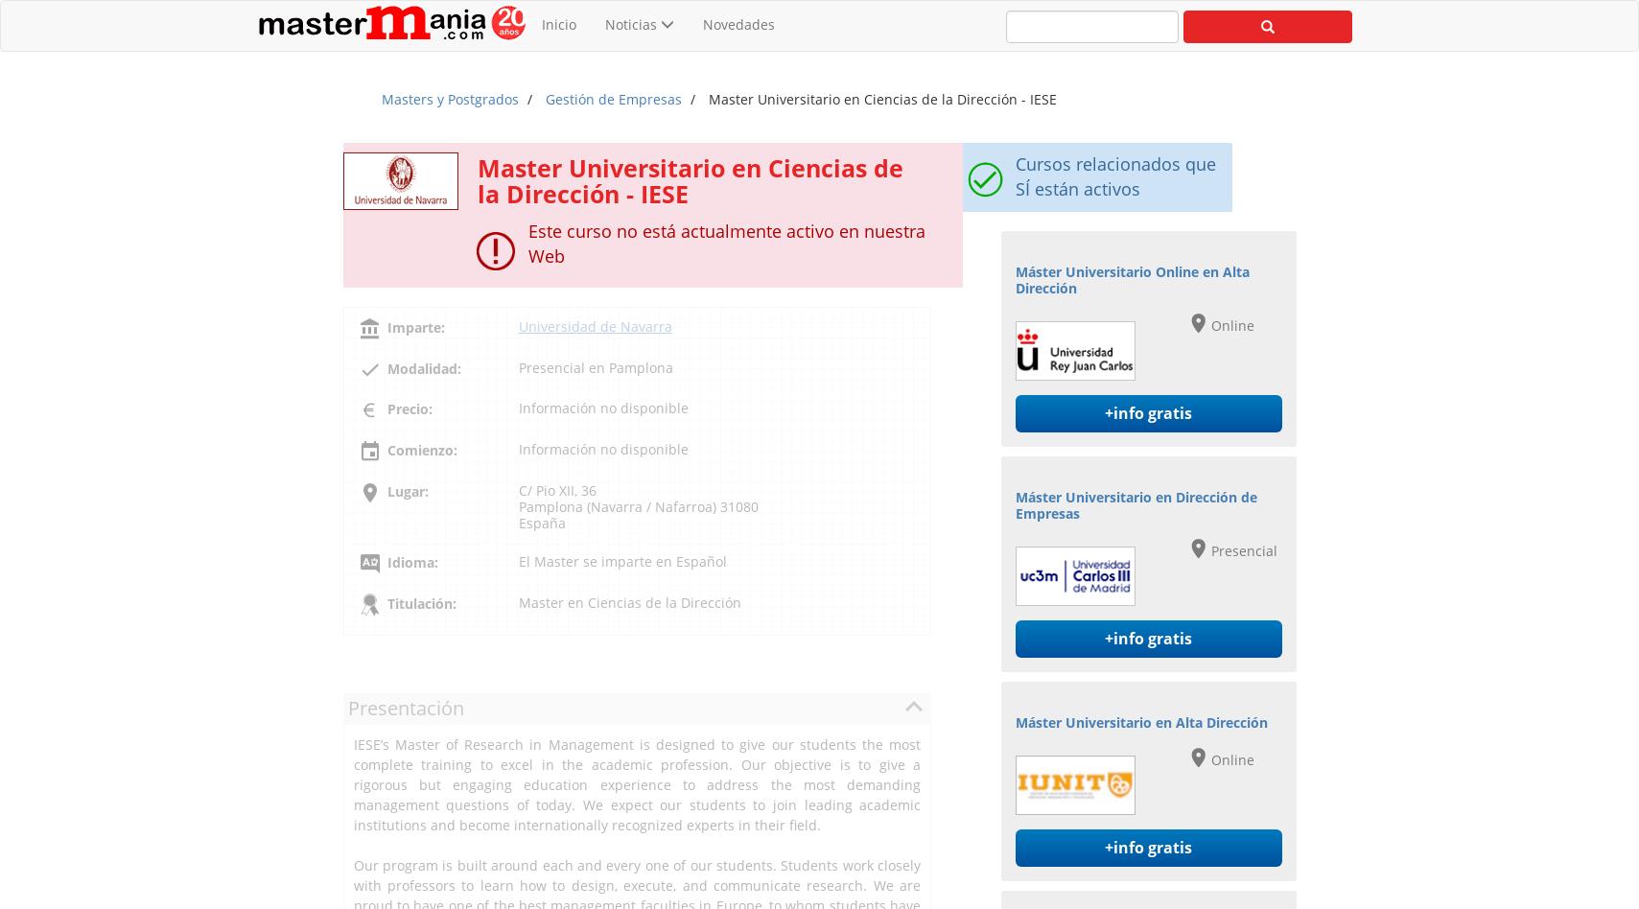 Image resolution: width=1639 pixels, height=909 pixels. What do you see at coordinates (636, 505) in the screenshot?
I see `'Pamplona (Navarra / Nafarroa) 31080'` at bounding box center [636, 505].